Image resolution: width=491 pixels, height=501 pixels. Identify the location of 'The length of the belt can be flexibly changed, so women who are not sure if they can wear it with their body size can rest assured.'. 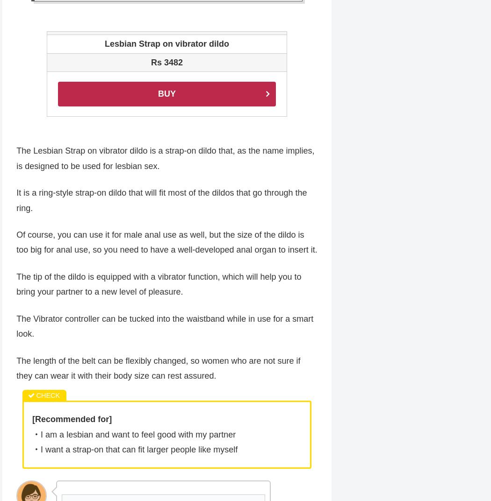
(158, 369).